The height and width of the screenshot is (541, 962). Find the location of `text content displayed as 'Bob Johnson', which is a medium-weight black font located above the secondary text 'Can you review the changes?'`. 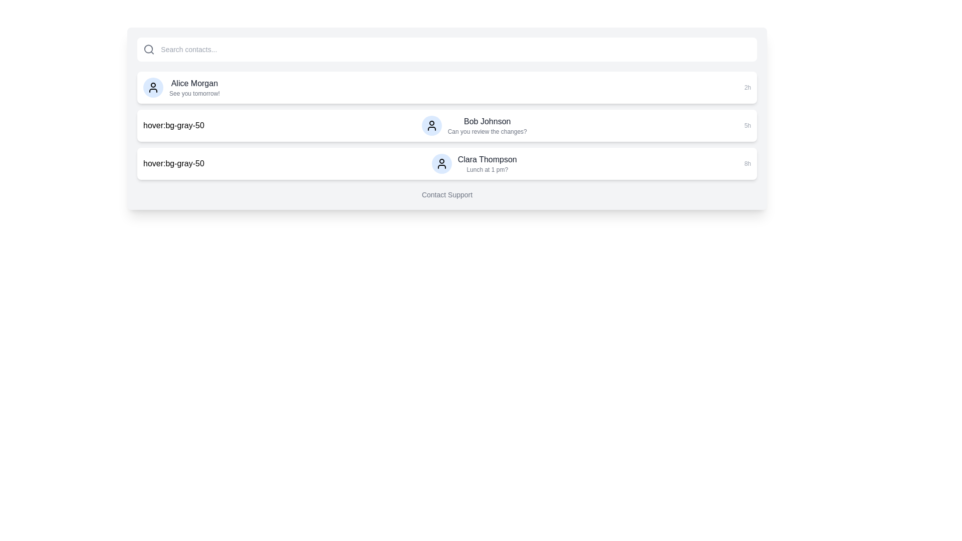

text content displayed as 'Bob Johnson', which is a medium-weight black font located above the secondary text 'Can you review the changes?' is located at coordinates (487, 121).